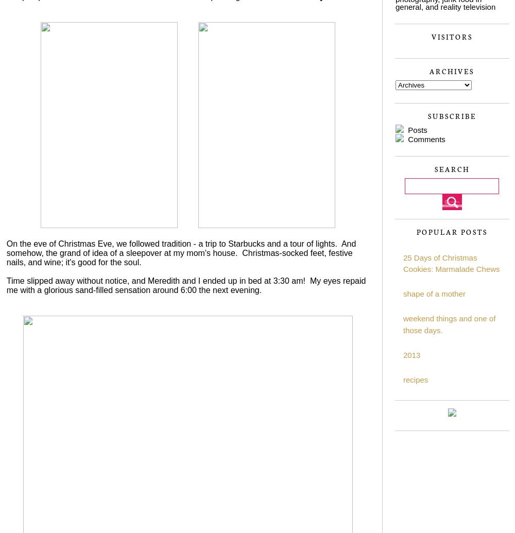 This screenshot has height=533, width=515. What do you see at coordinates (431, 36) in the screenshot?
I see `'Visitors'` at bounding box center [431, 36].